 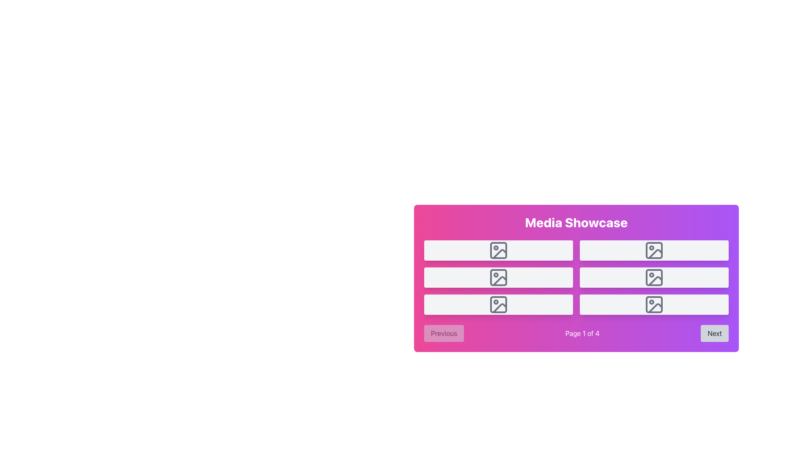 What do you see at coordinates (499, 250) in the screenshot?
I see `the SVG icon representing an image placeholder, which is located in the second row and first column of the grid in the 'Media Showcase' panel` at bounding box center [499, 250].